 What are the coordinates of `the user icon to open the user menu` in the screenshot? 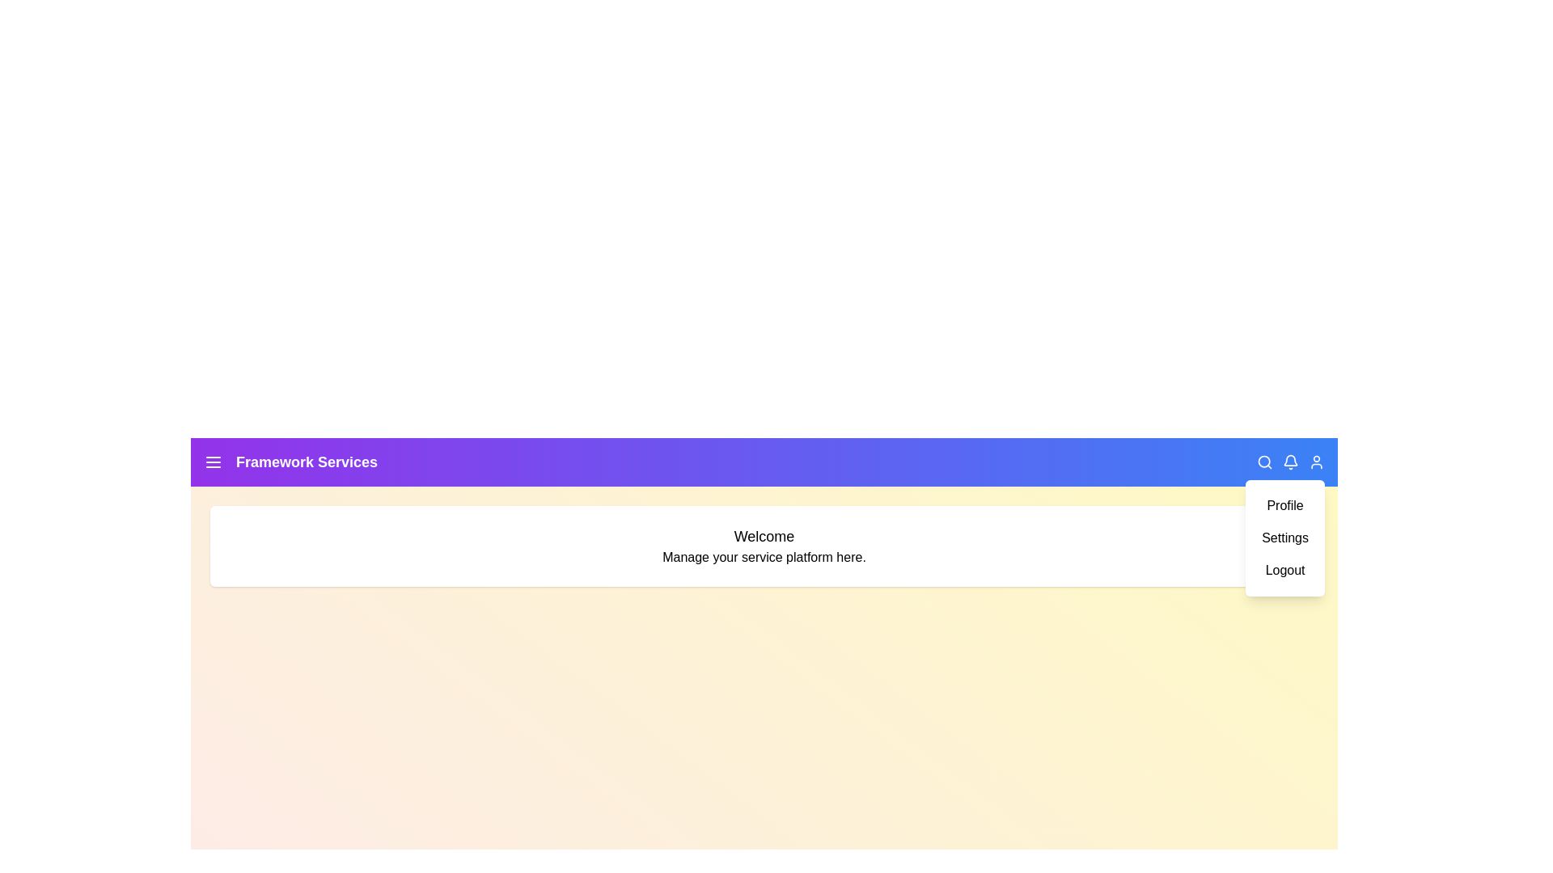 It's located at (1316, 462).